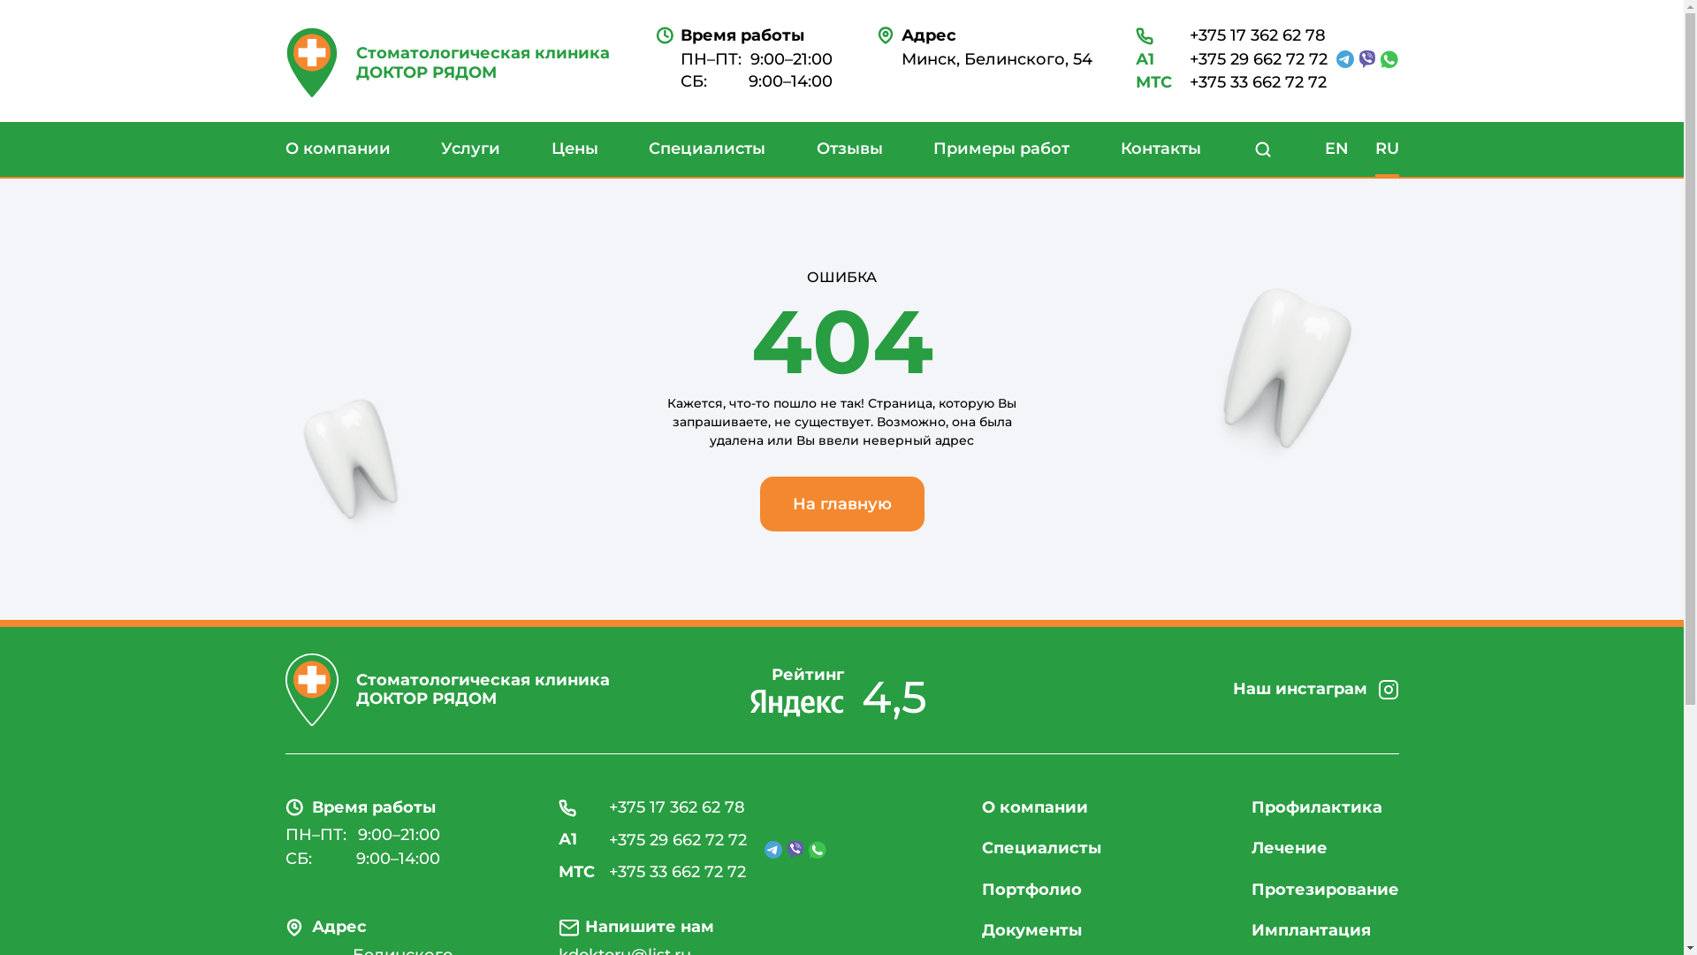  Describe the element at coordinates (651, 808) in the screenshot. I see `'+375 17 362 62 78'` at that location.